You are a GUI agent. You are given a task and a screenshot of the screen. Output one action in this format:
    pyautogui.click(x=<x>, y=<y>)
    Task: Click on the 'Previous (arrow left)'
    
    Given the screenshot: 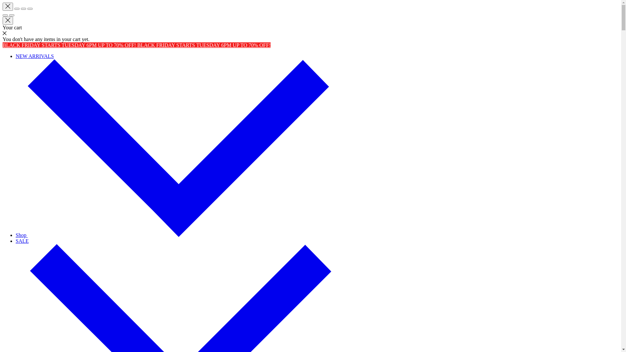 What is the action you would take?
    pyautogui.click(x=5, y=15)
    